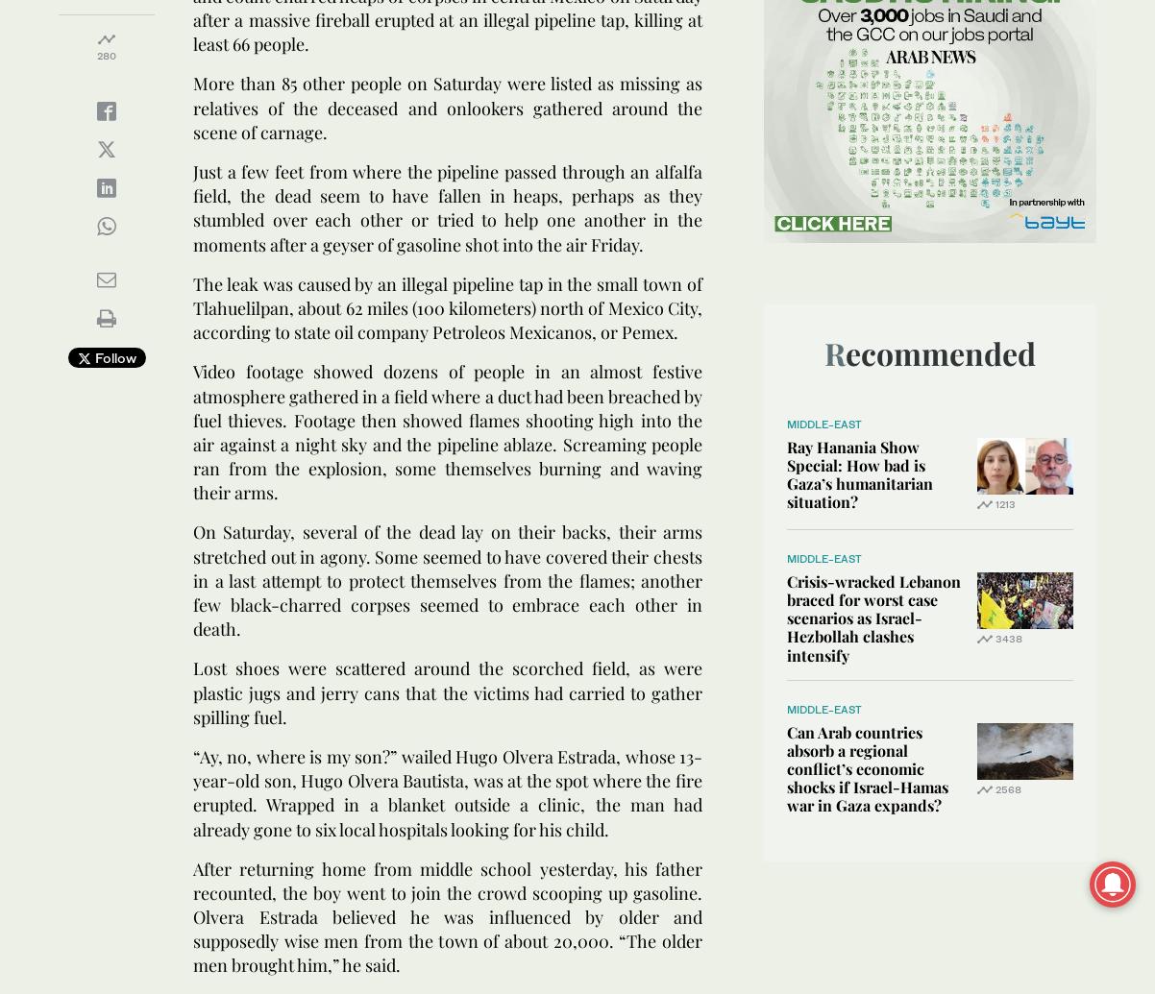 The height and width of the screenshot is (994, 1155). I want to click on '2568', so click(1007, 787).